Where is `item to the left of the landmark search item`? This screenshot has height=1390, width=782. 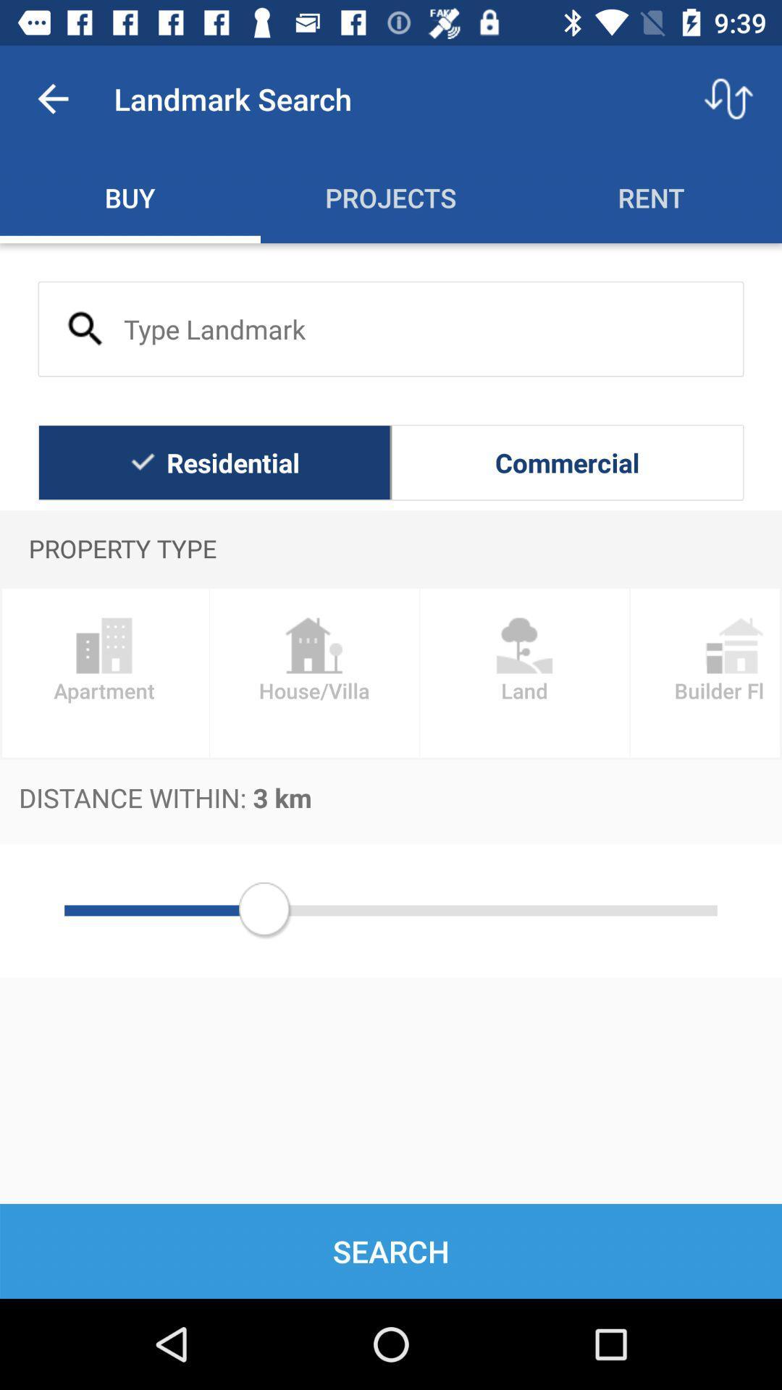 item to the left of the landmark search item is located at coordinates (52, 98).